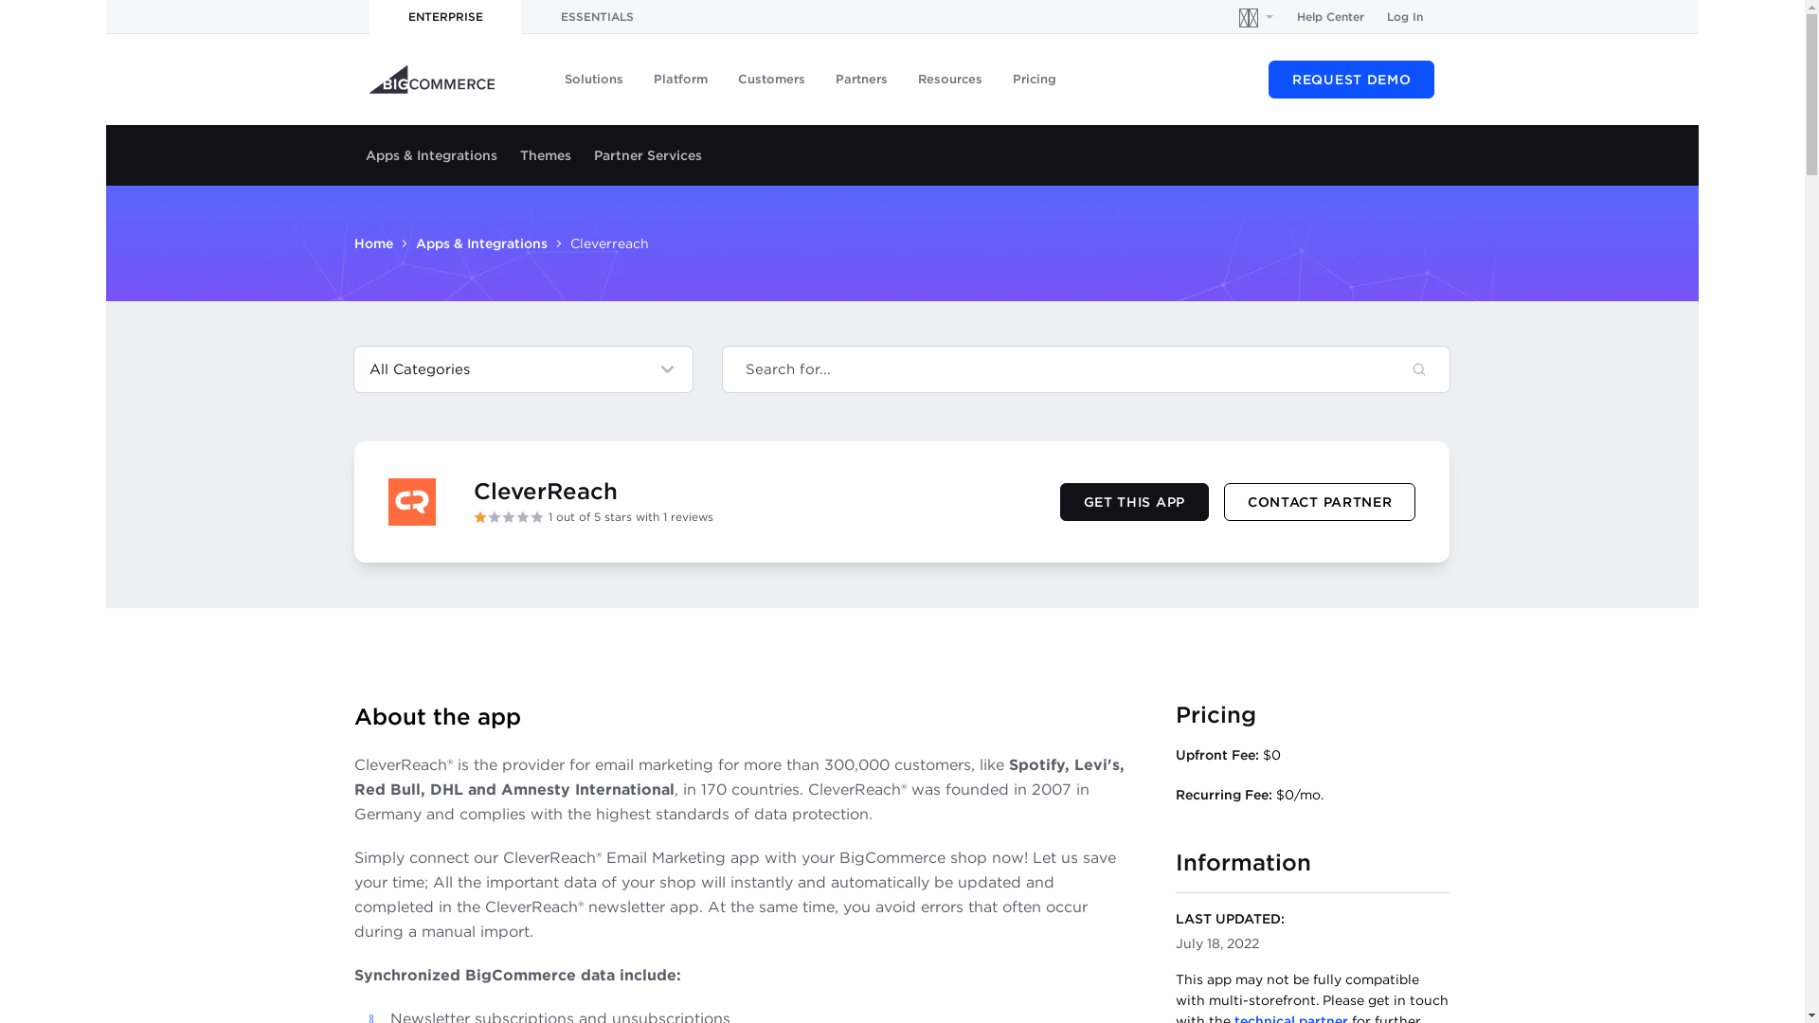  What do you see at coordinates (1329, 17) in the screenshot?
I see `'Help Center'` at bounding box center [1329, 17].